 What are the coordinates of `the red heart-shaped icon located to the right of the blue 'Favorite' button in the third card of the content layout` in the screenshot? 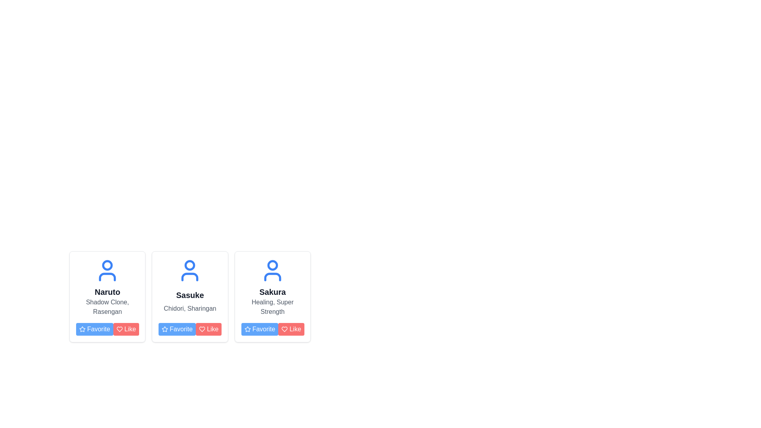 It's located at (202, 329).